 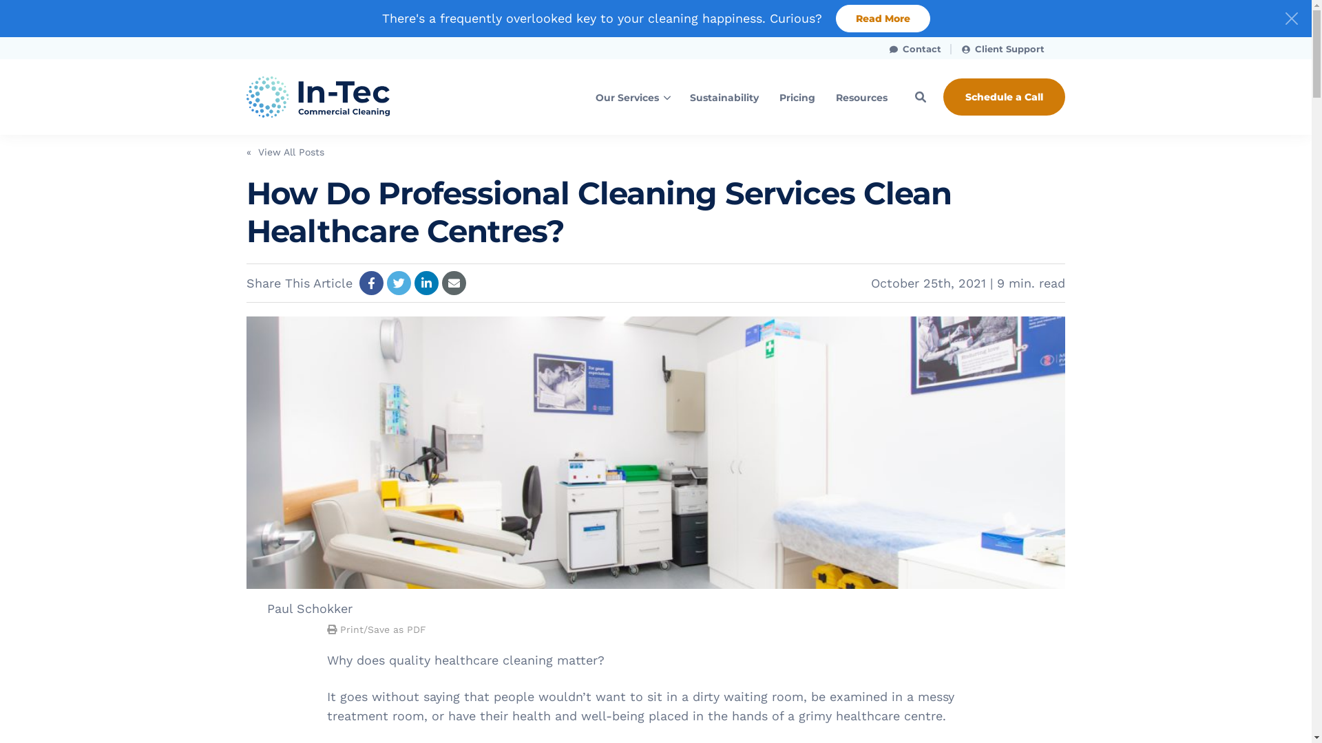 I want to click on 'In-Tec Commercial Cleaning', so click(x=339, y=96).